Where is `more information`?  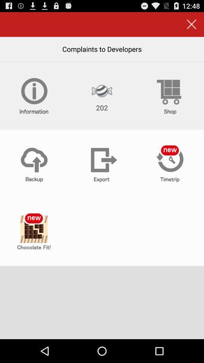
more information is located at coordinates (34, 95).